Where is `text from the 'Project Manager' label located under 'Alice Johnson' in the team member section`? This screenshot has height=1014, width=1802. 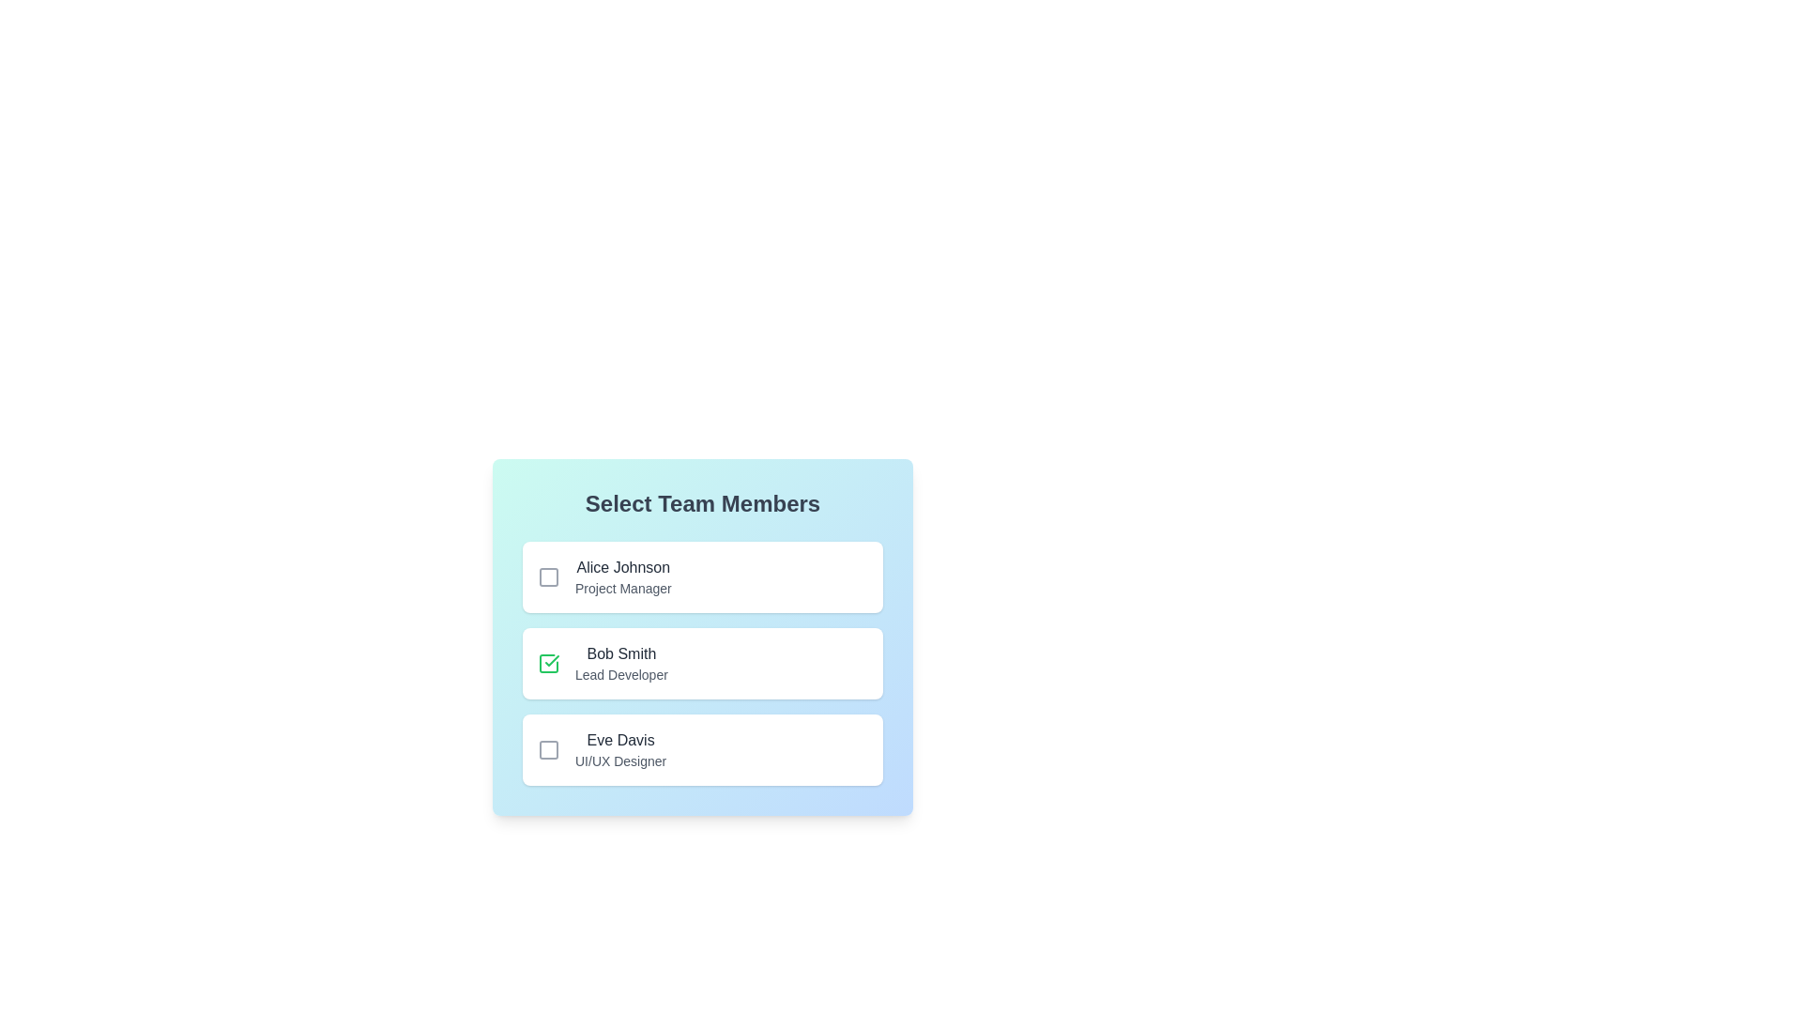
text from the 'Project Manager' label located under 'Alice Johnson' in the team member section is located at coordinates (623, 588).